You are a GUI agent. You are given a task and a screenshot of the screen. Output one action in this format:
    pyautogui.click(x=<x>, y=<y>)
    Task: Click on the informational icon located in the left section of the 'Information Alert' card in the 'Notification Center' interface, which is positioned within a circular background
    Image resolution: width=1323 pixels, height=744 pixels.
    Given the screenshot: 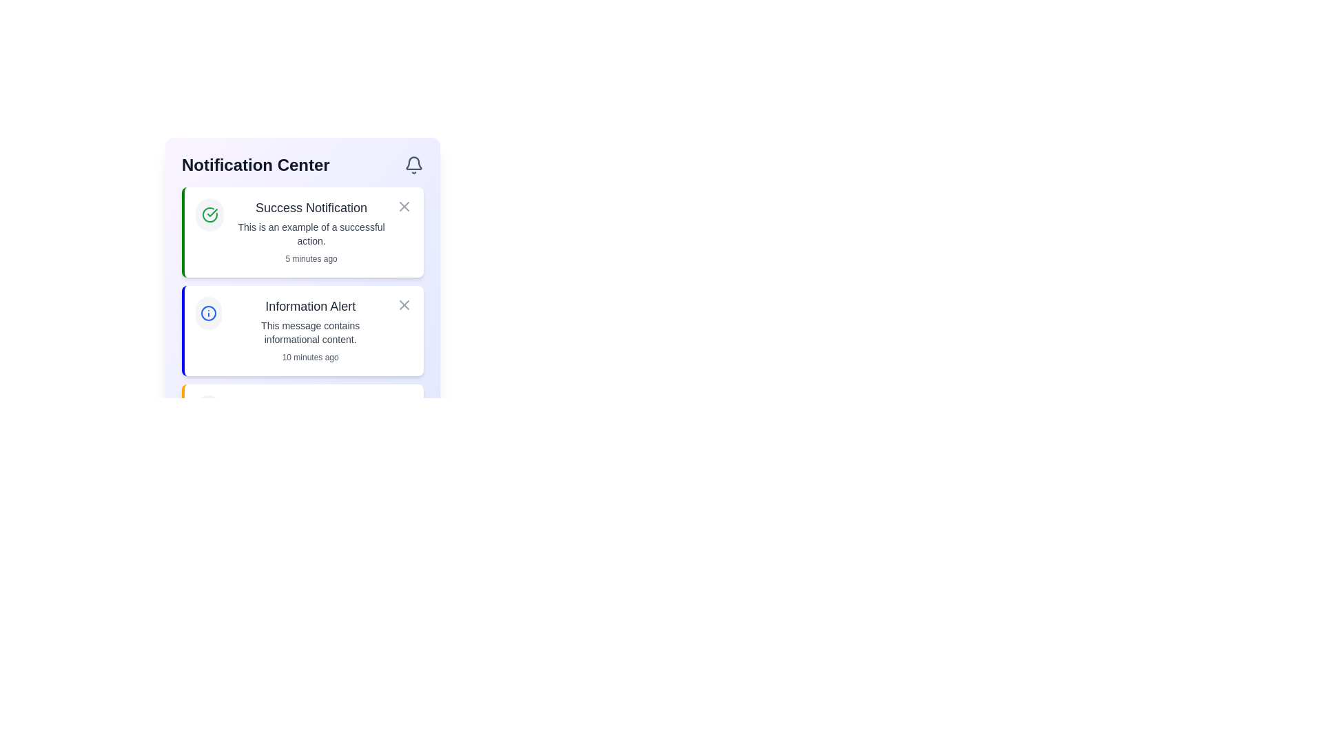 What is the action you would take?
    pyautogui.click(x=208, y=313)
    